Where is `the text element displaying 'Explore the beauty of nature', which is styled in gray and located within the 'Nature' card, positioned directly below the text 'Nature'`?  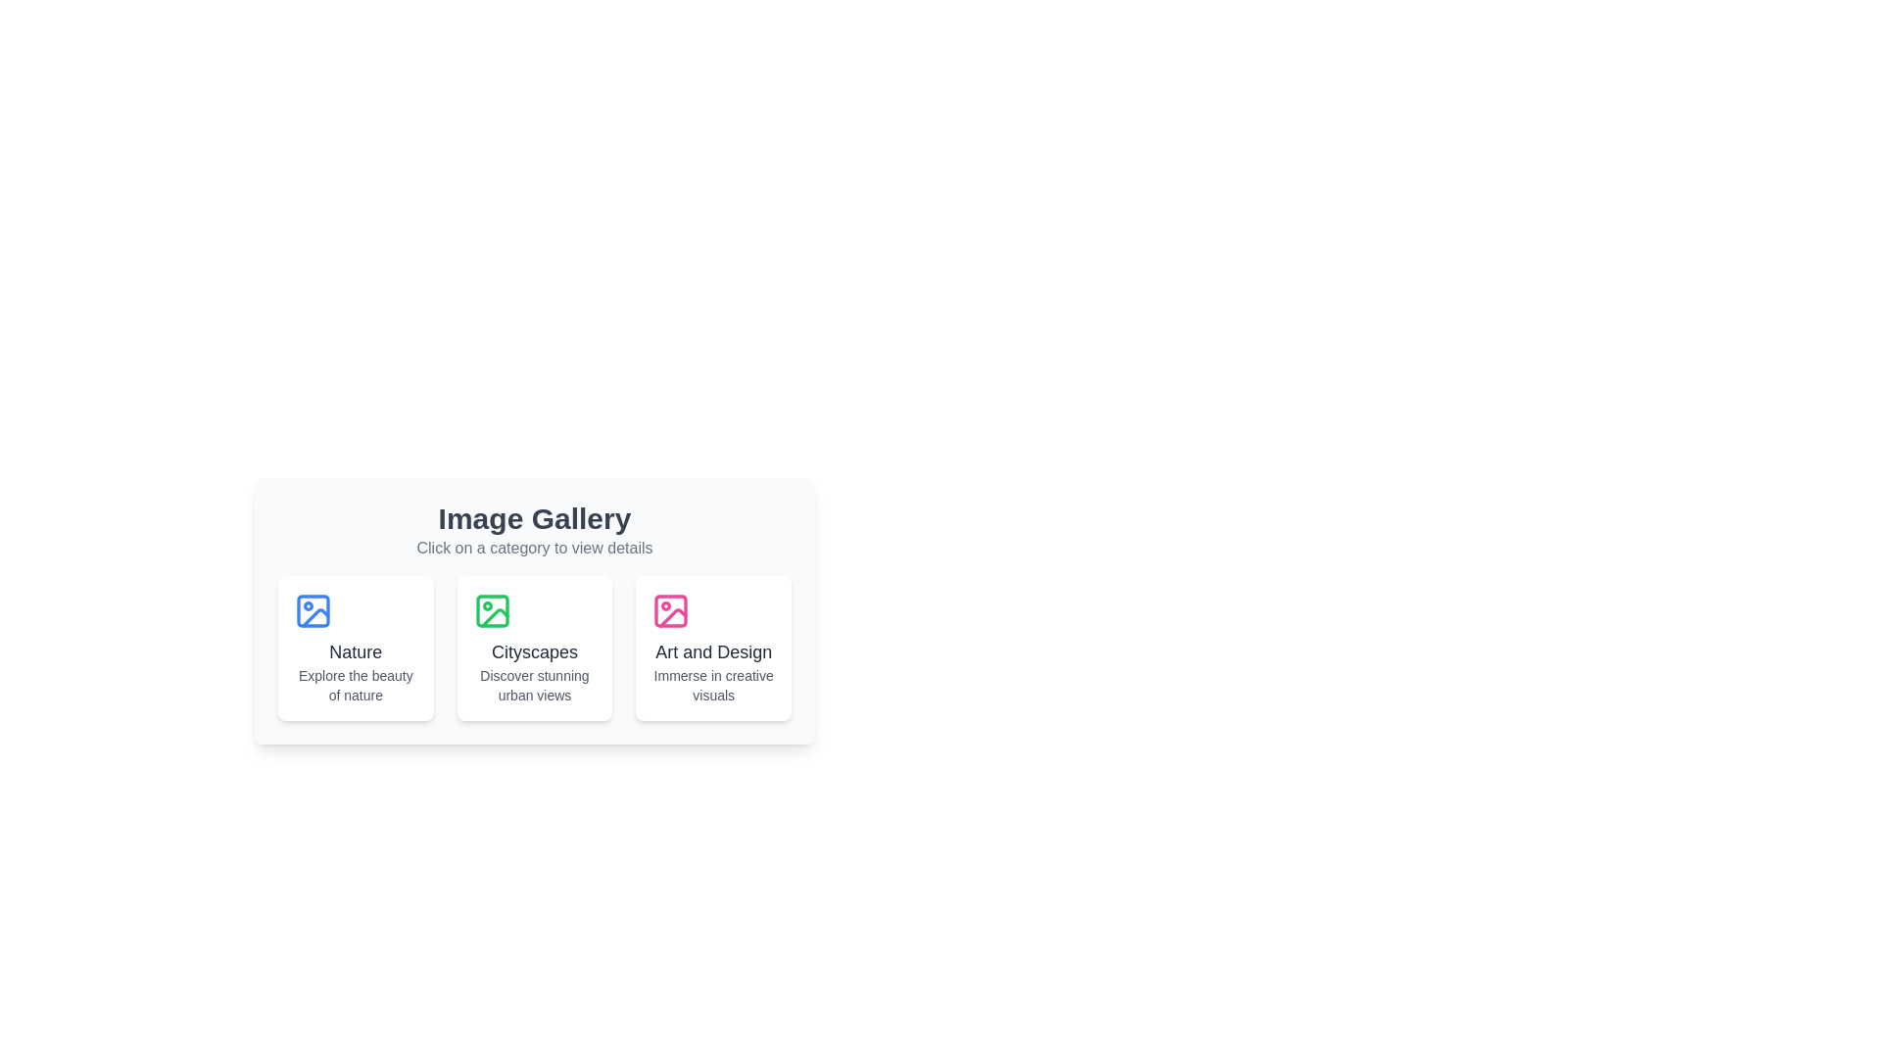 the text element displaying 'Explore the beauty of nature', which is styled in gray and located within the 'Nature' card, positioned directly below the text 'Nature' is located at coordinates (356, 684).